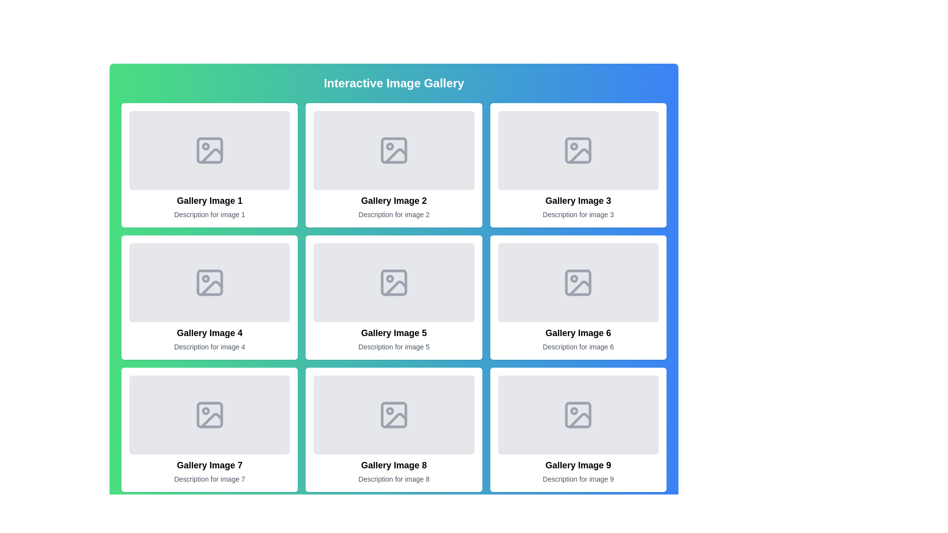  Describe the element at coordinates (393, 346) in the screenshot. I see `the textual label 'Description for image 5'` at that location.